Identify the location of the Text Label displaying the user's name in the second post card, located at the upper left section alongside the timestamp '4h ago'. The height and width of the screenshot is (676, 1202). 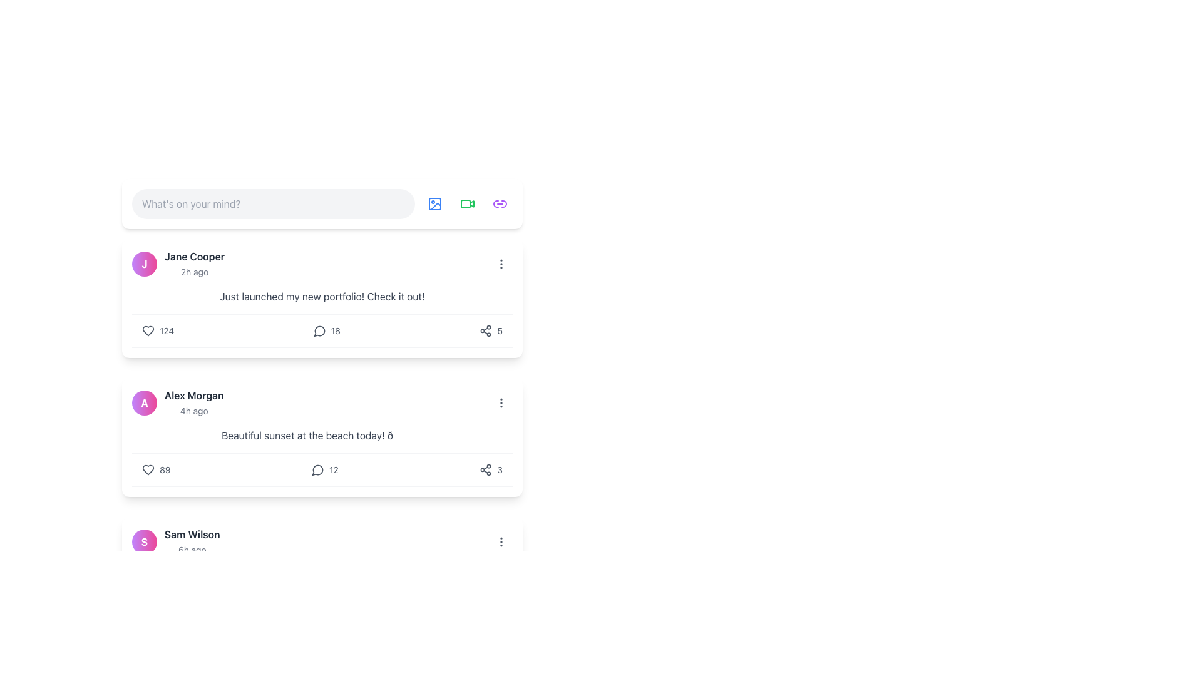
(193, 396).